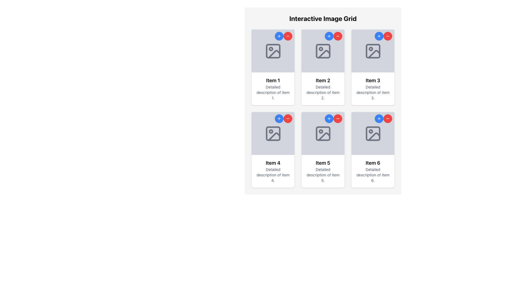 The height and width of the screenshot is (294, 524). I want to click on the circular 'plus' button with a blue background located at the top-left corner of the card labeled 'Item 3' for potential repositioning, so click(379, 36).